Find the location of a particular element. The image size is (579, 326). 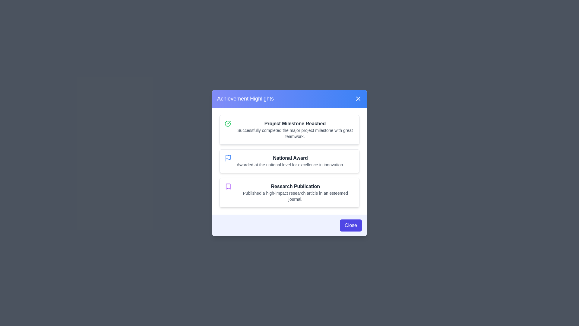

the close button represented by an 'X' icon in the top-right corner of the 'Achievement Highlights' header bar is located at coordinates (358, 98).